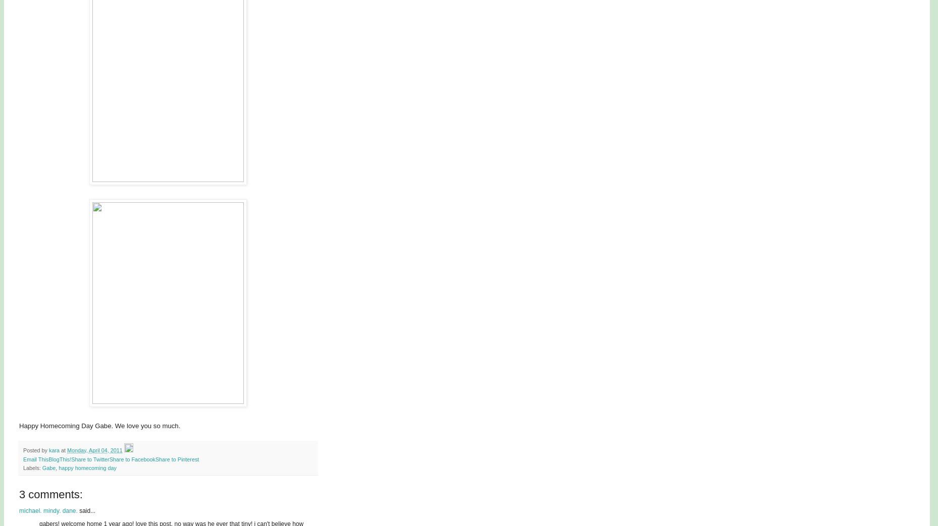 The width and height of the screenshot is (938, 526). What do you see at coordinates (32, 467) in the screenshot?
I see `'Labels:'` at bounding box center [32, 467].